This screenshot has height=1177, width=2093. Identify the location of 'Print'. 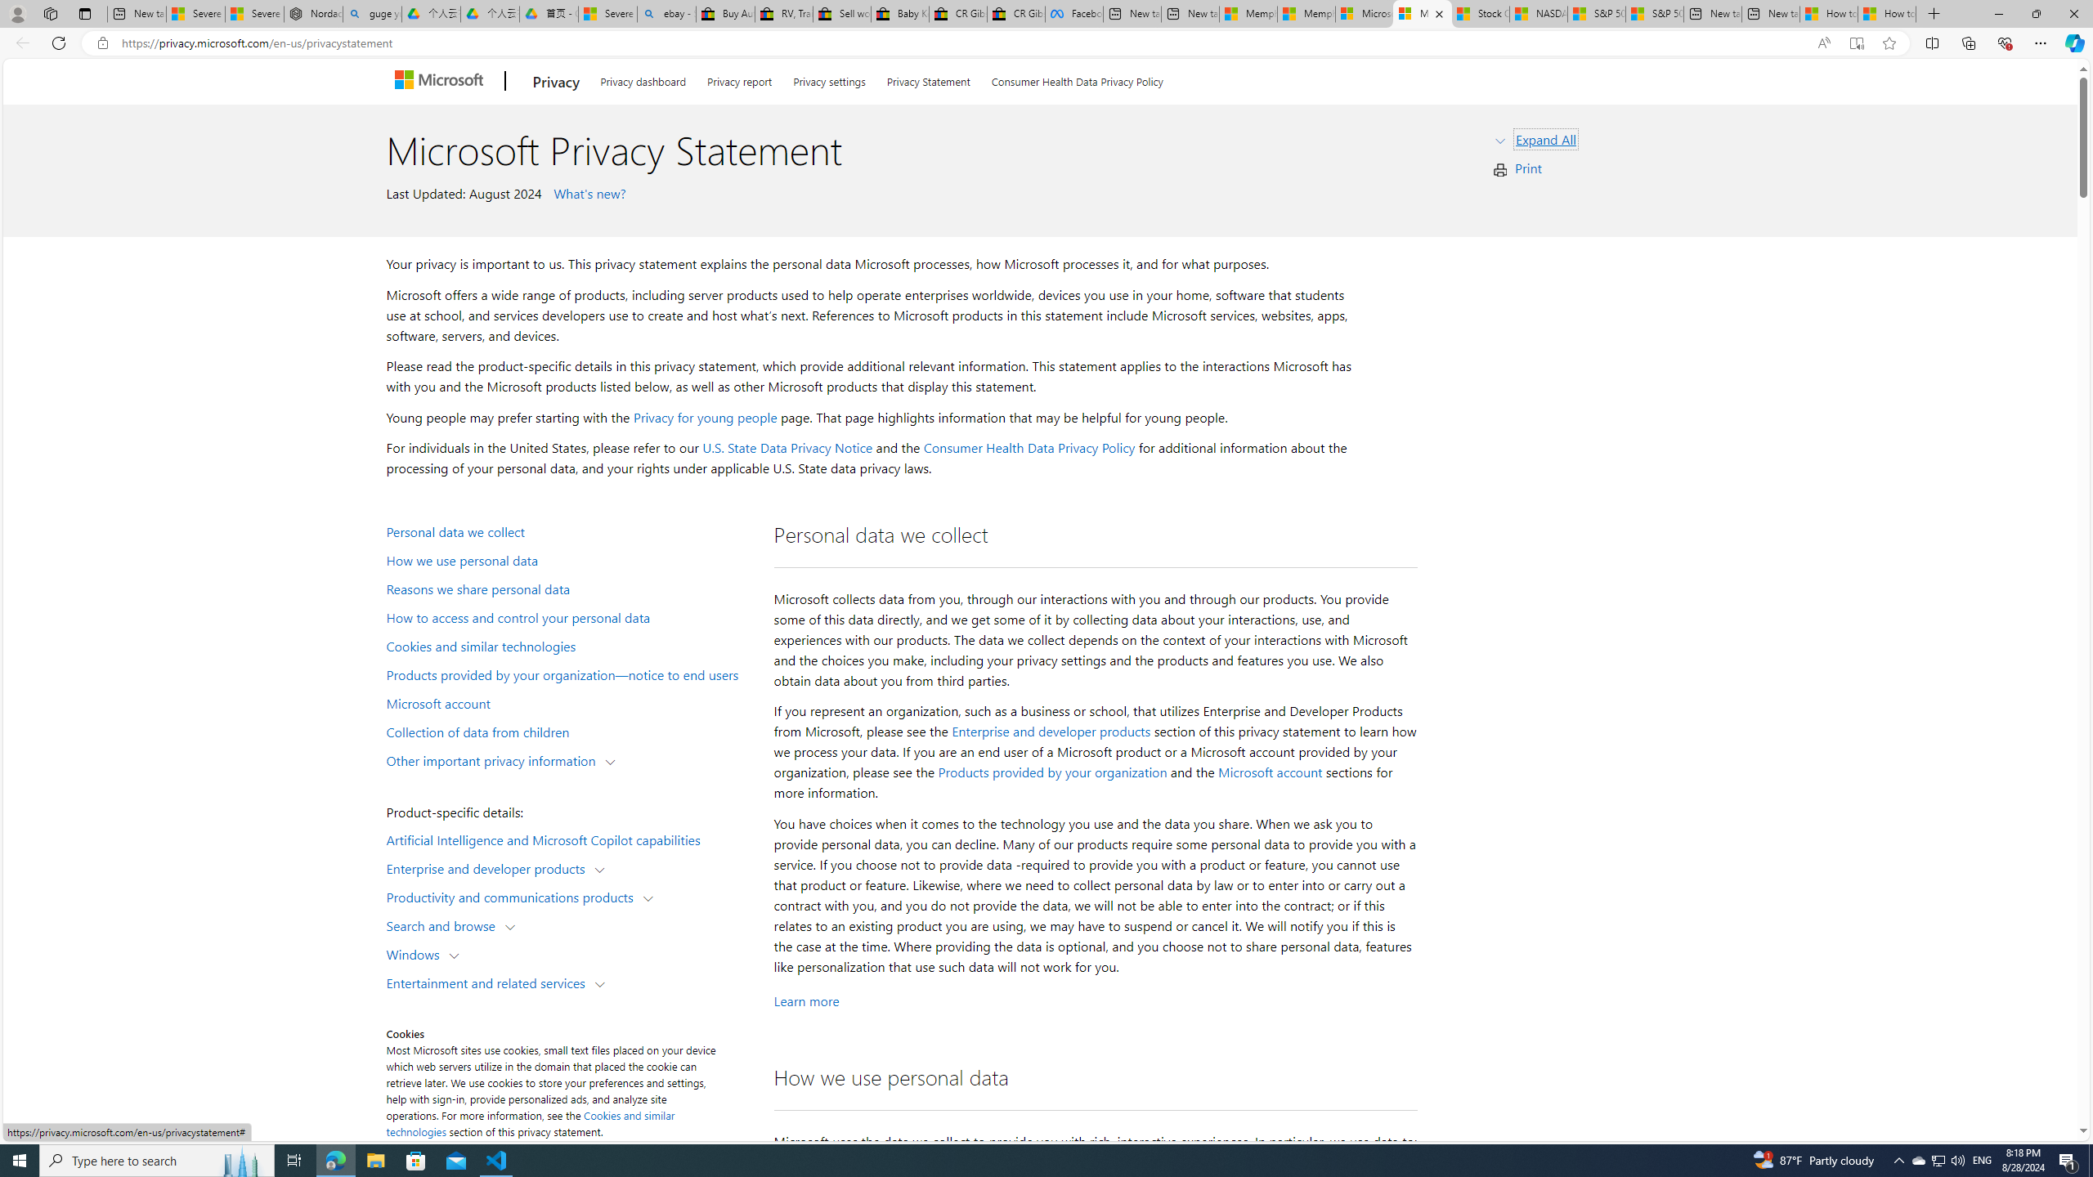
(1529, 167).